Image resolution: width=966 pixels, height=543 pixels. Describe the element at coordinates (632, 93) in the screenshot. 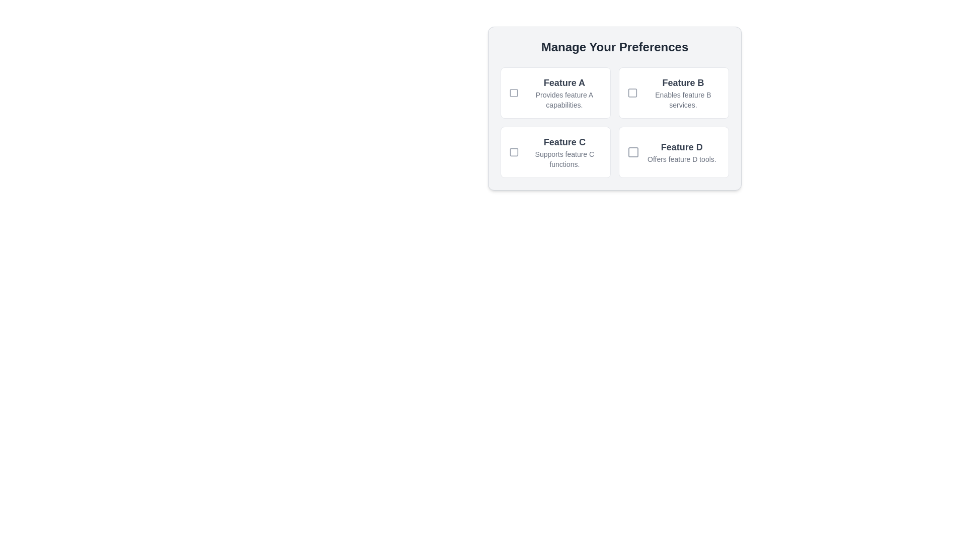

I see `the checkbox located to the left of the Feature B text label` at that location.